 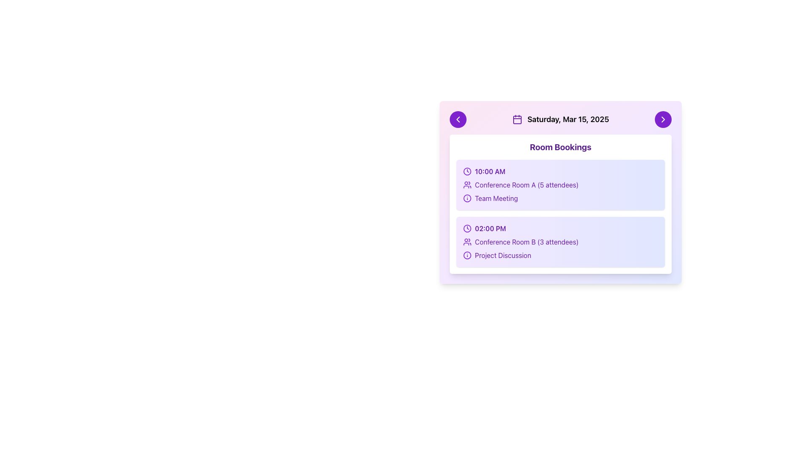 What do you see at coordinates (561, 242) in the screenshot?
I see `the text label reading 'Conference Room B (3 attendees)' which is styled in purple text and located centrally below '02:00 PM' and above 'Project Discussion'` at bounding box center [561, 242].